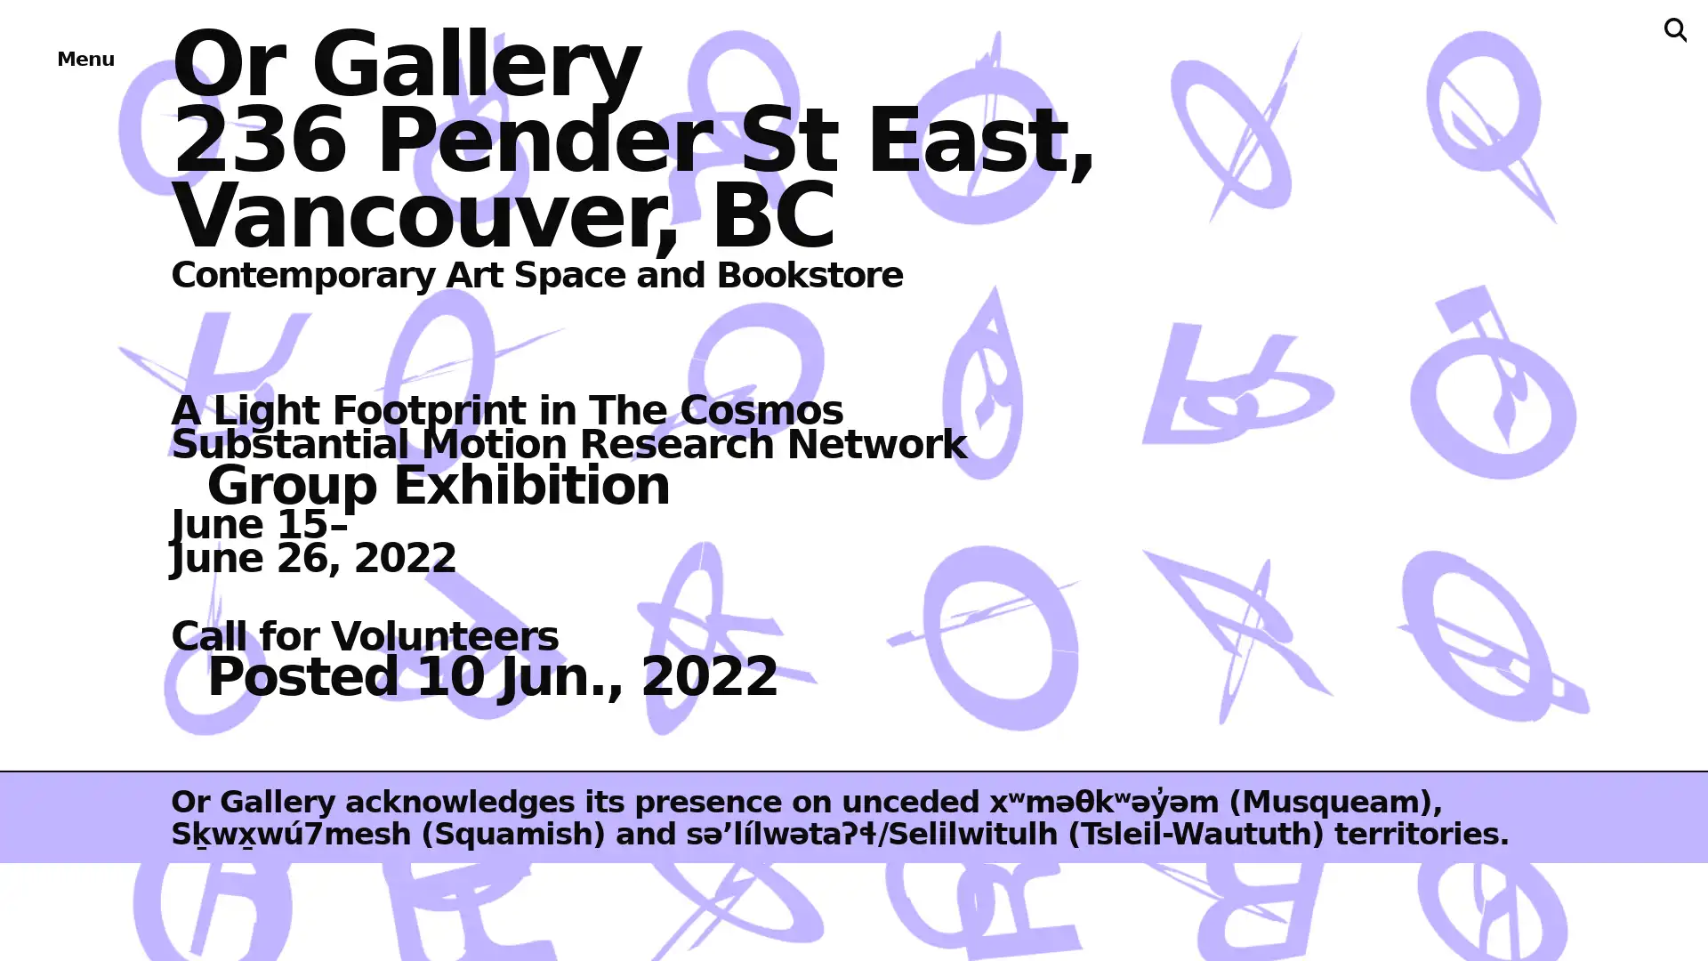 This screenshot has height=961, width=1708. I want to click on About, so click(386, 706).